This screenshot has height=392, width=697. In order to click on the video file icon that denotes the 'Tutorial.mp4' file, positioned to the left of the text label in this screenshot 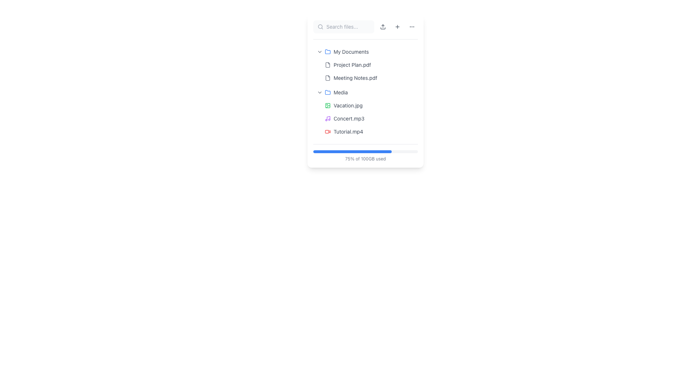, I will do `click(327, 131)`.